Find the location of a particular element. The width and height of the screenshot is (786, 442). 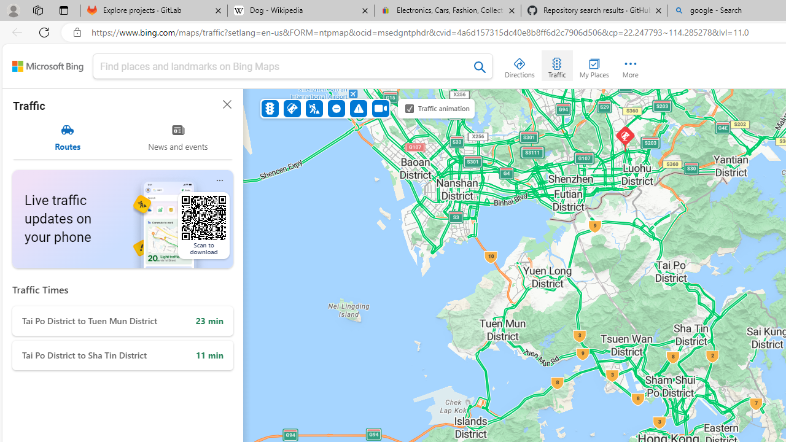

'Class: inputbox' is located at coordinates (292, 68).